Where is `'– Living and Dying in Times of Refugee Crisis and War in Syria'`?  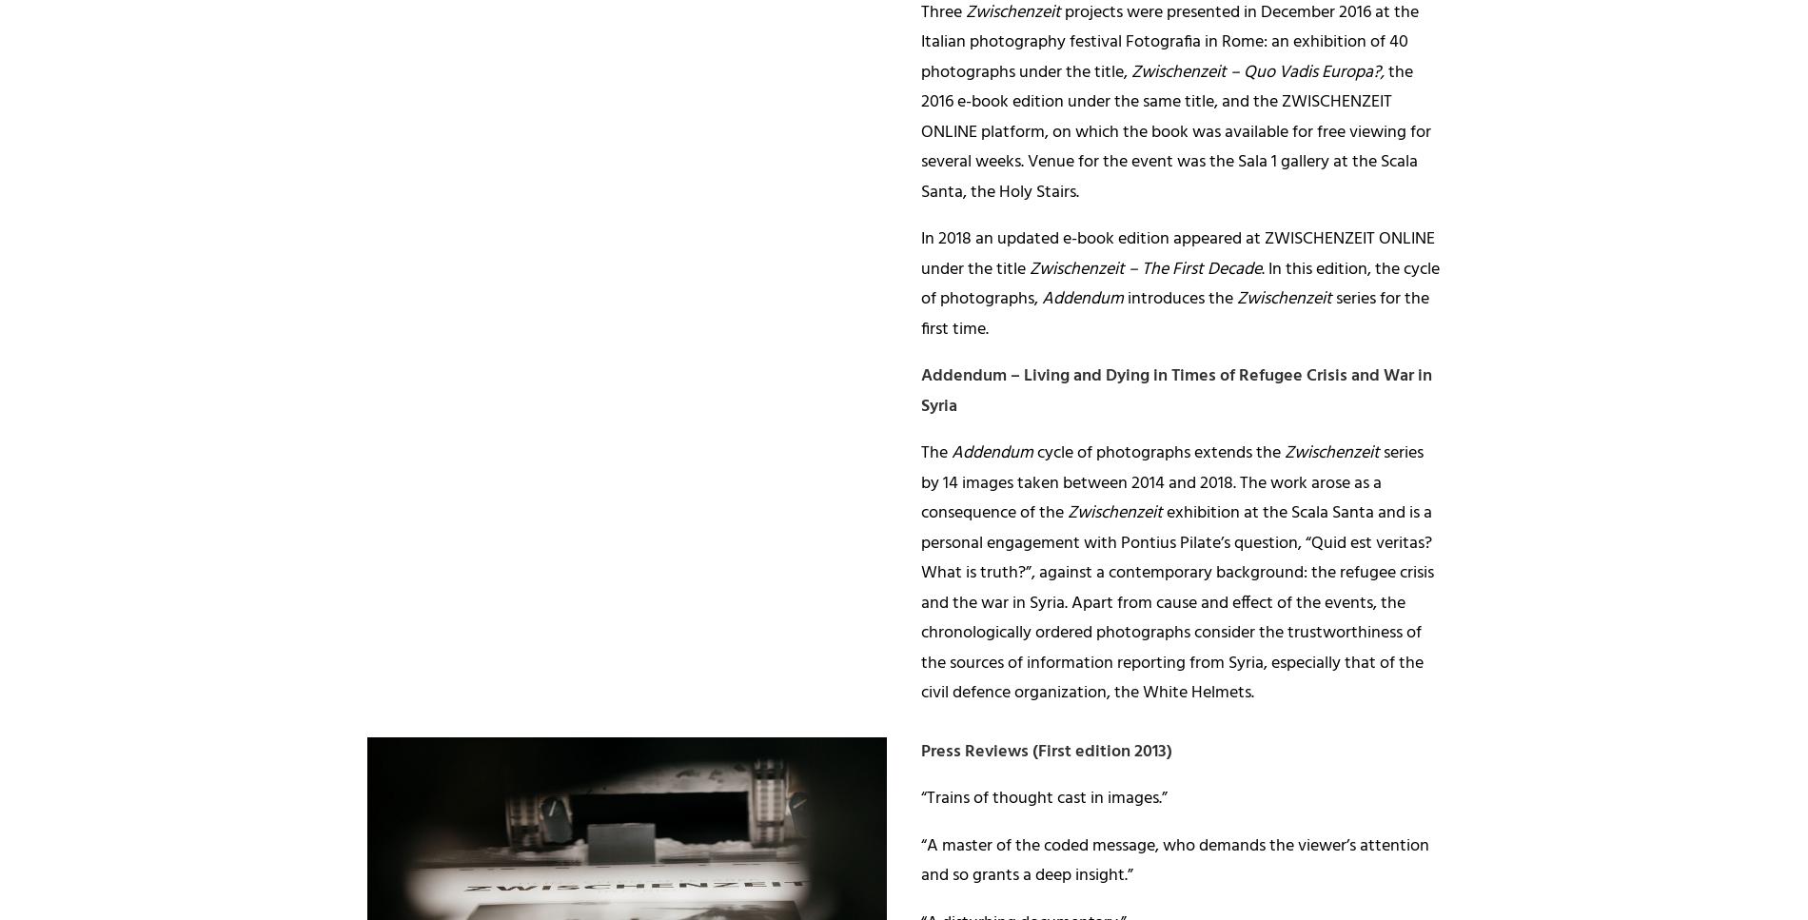
'– Living and Dying in Times of Refugee Crisis and War in Syria' is located at coordinates (921, 389).